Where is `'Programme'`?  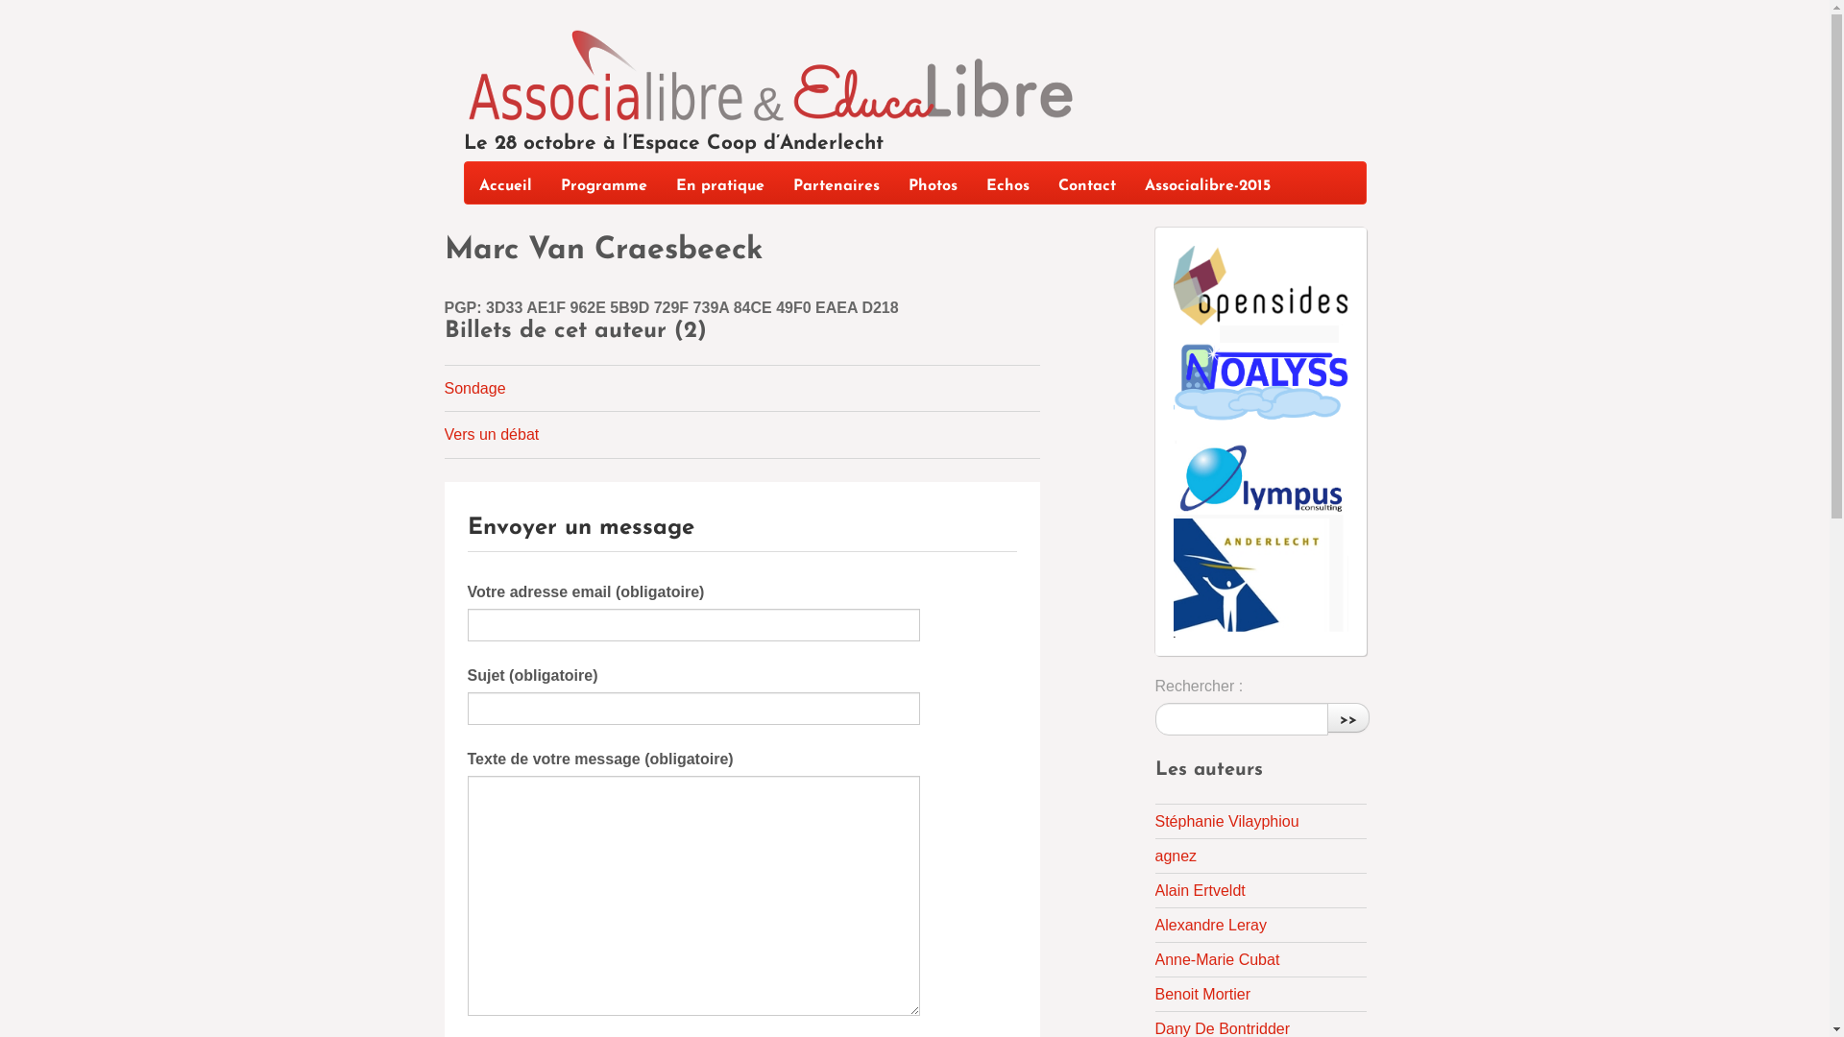
'Programme' is located at coordinates (602, 182).